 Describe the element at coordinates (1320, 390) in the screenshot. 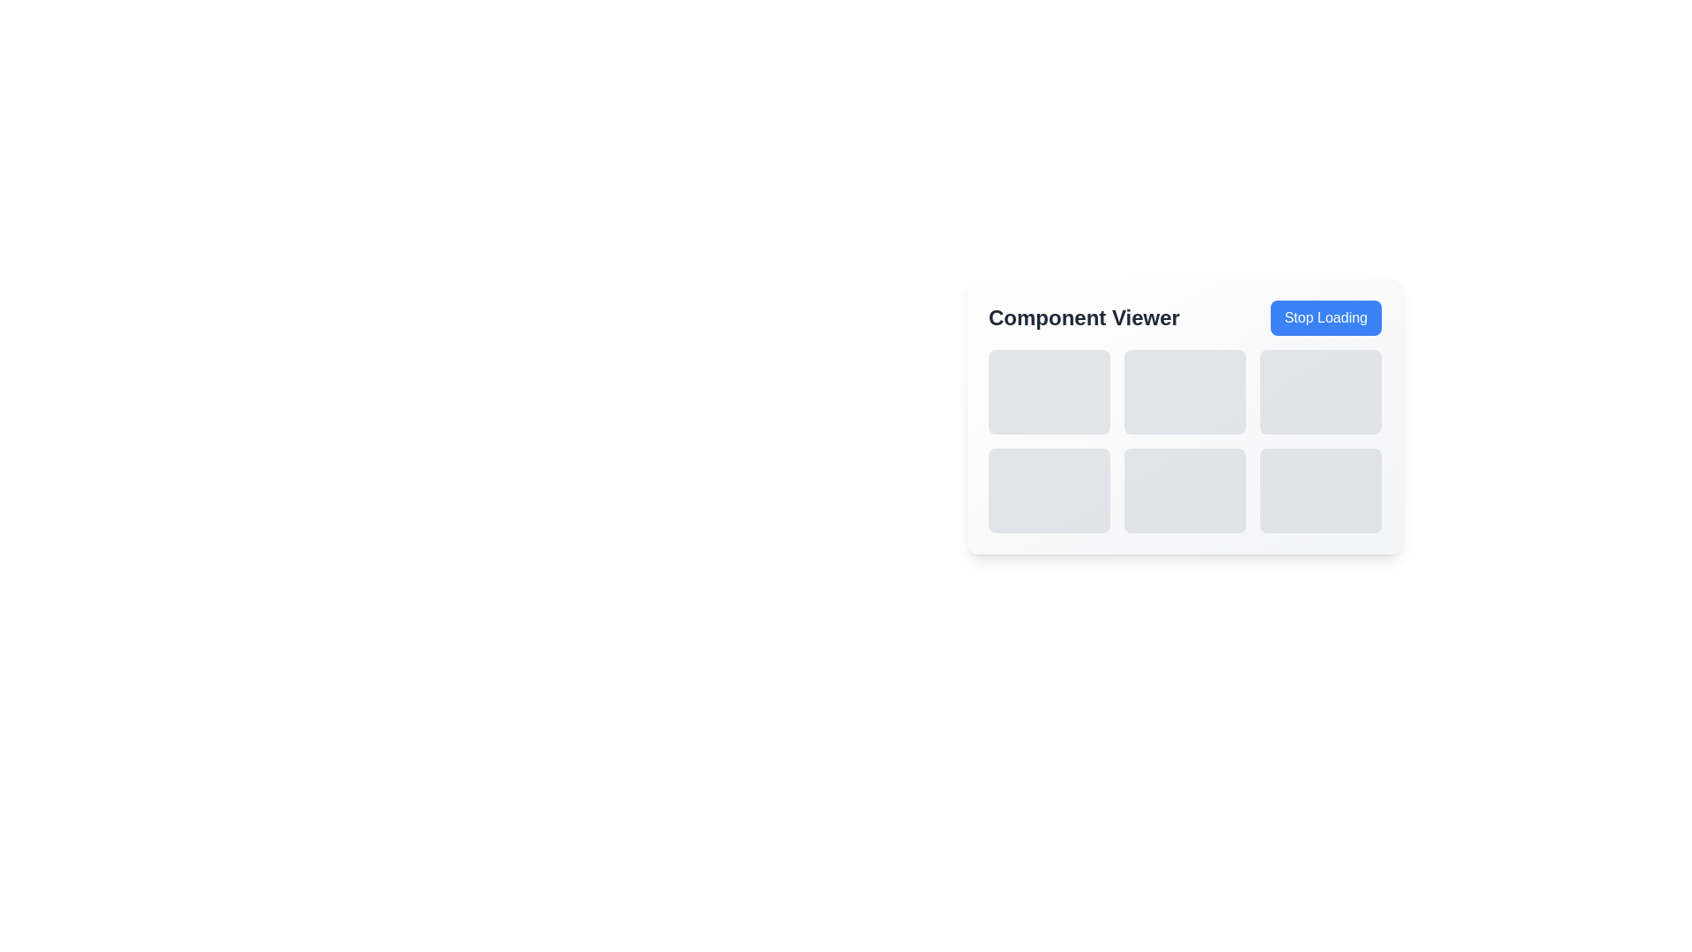

I see `the third placeholder in the first row of the grid layout, which has a light gray background and rounded corners, indicating a loading state` at that location.